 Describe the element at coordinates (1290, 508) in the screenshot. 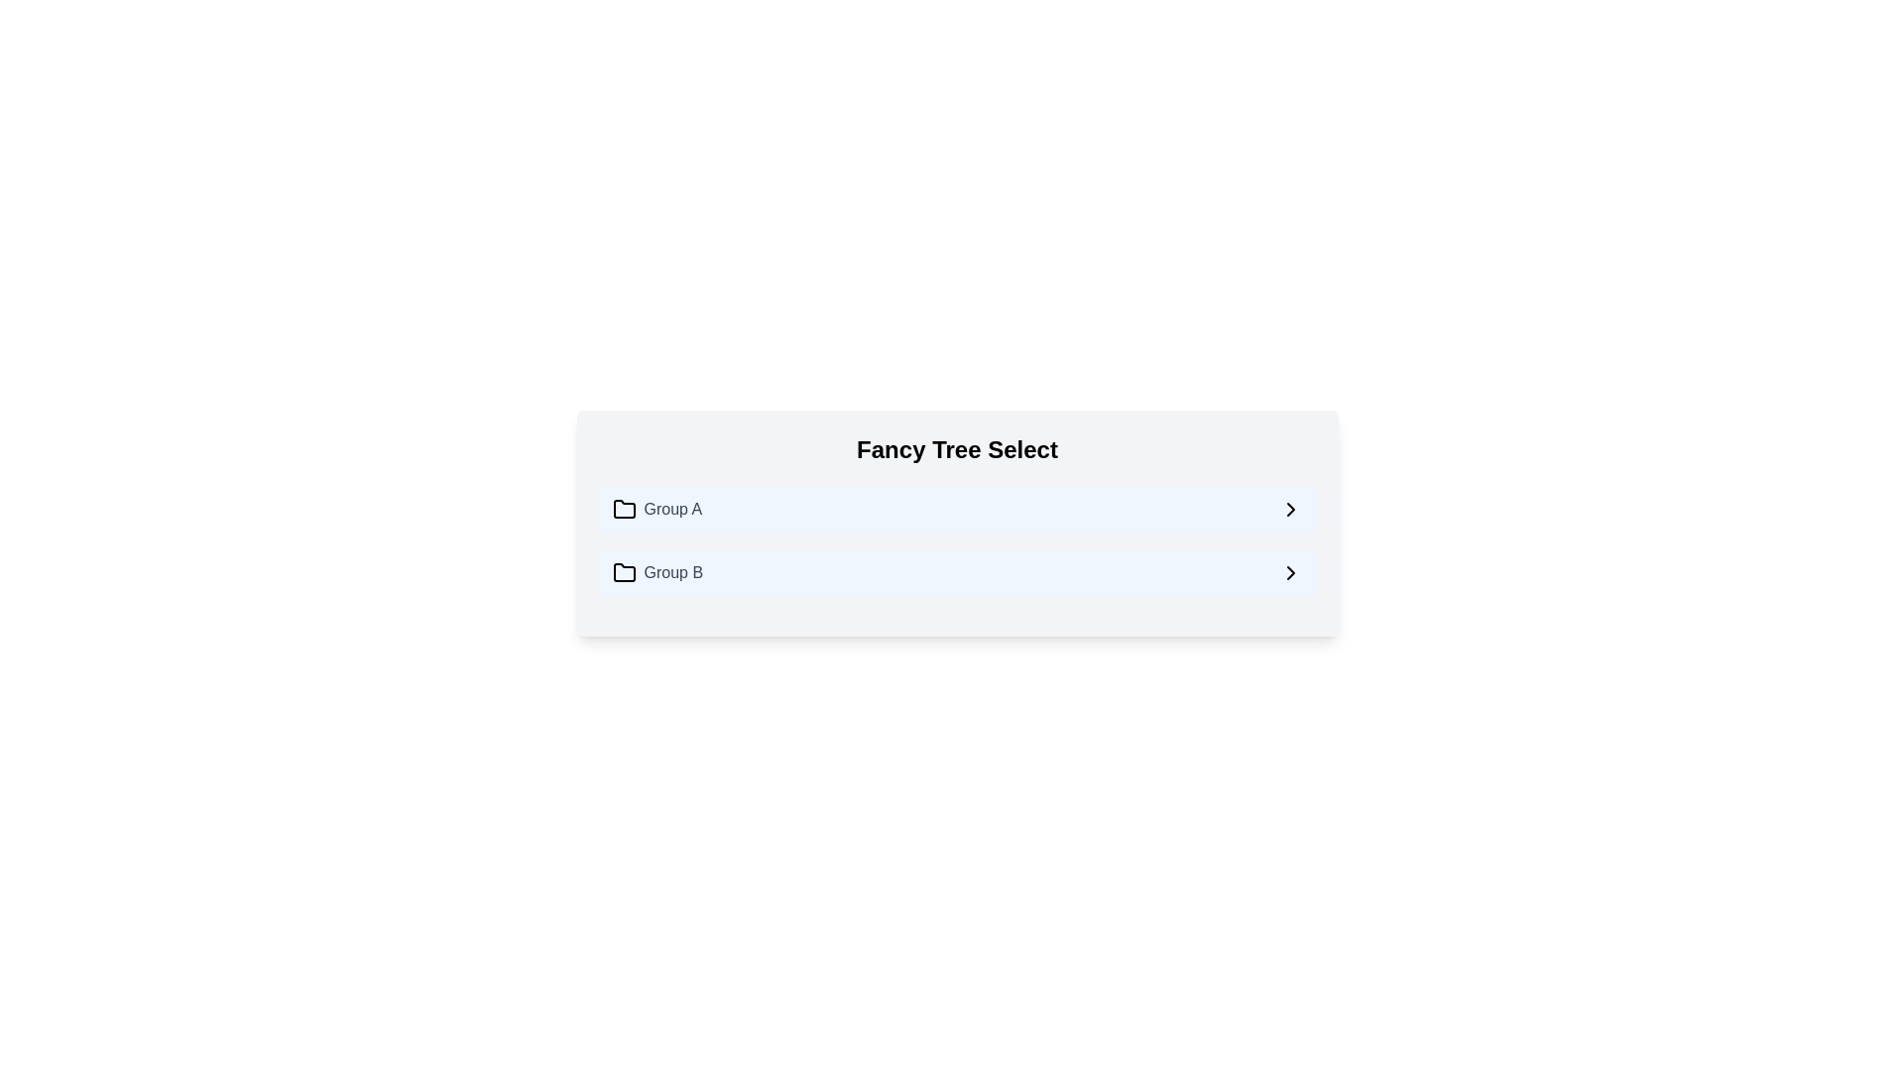

I see `the Right-chevron icon located immediately to the right of the 'Group A' text label` at that location.